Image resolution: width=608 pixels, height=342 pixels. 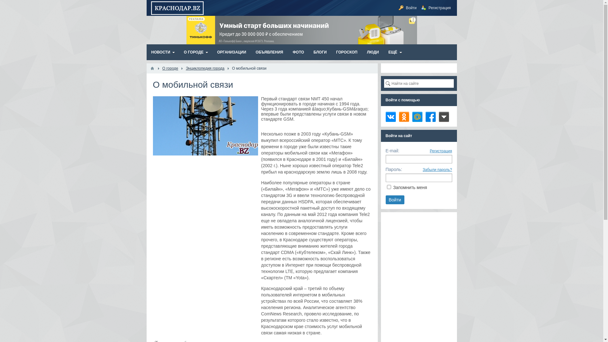 What do you see at coordinates (417, 117) in the screenshot?
I see `'Mail.ru'` at bounding box center [417, 117].